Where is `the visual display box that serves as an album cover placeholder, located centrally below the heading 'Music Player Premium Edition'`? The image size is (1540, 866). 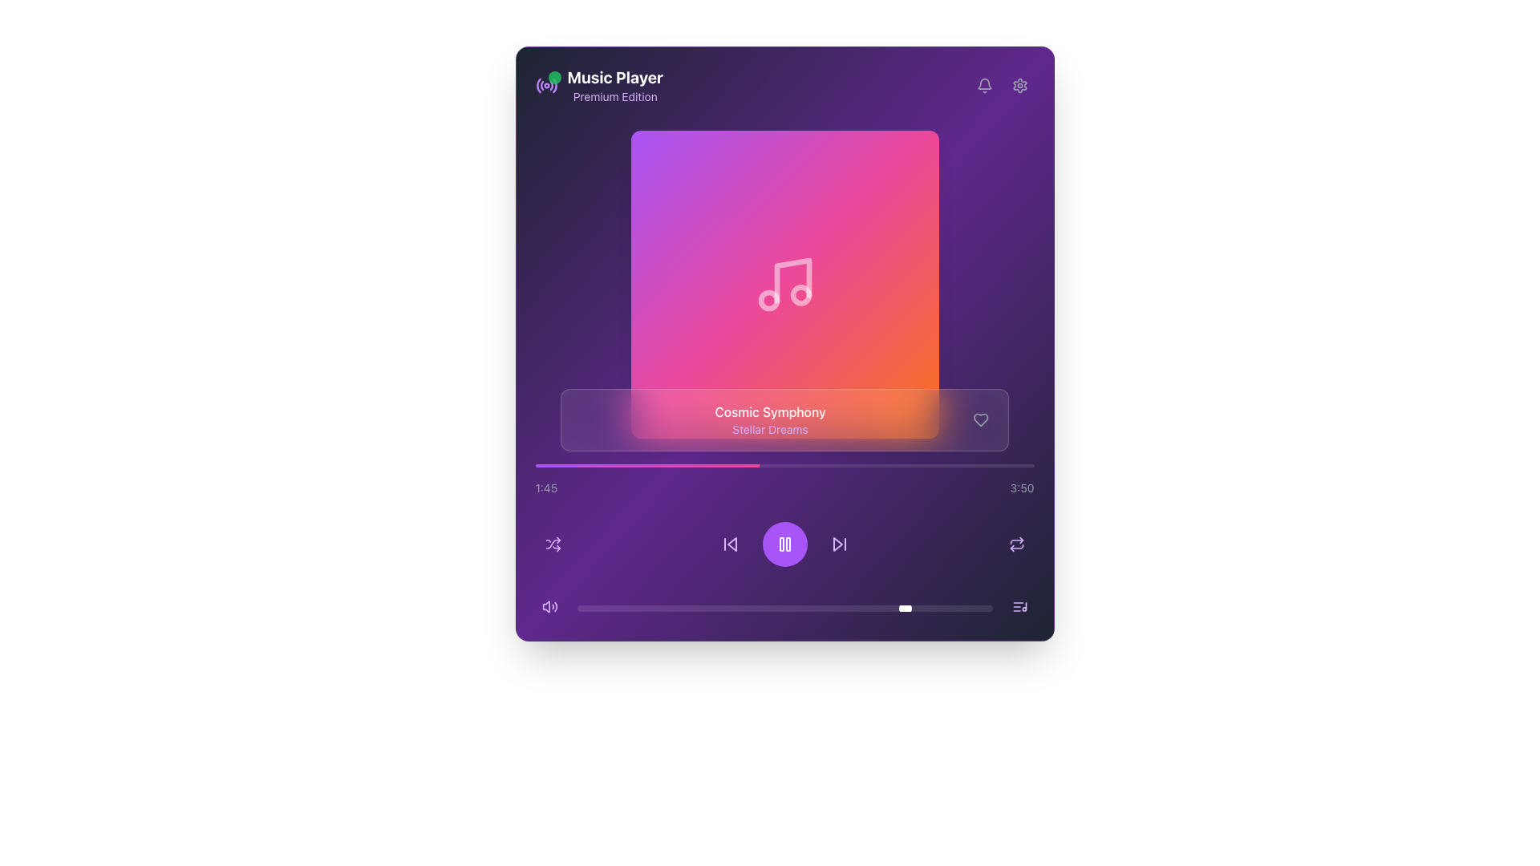
the visual display box that serves as an album cover placeholder, located centrally below the heading 'Music Player Premium Edition' is located at coordinates (784, 283).